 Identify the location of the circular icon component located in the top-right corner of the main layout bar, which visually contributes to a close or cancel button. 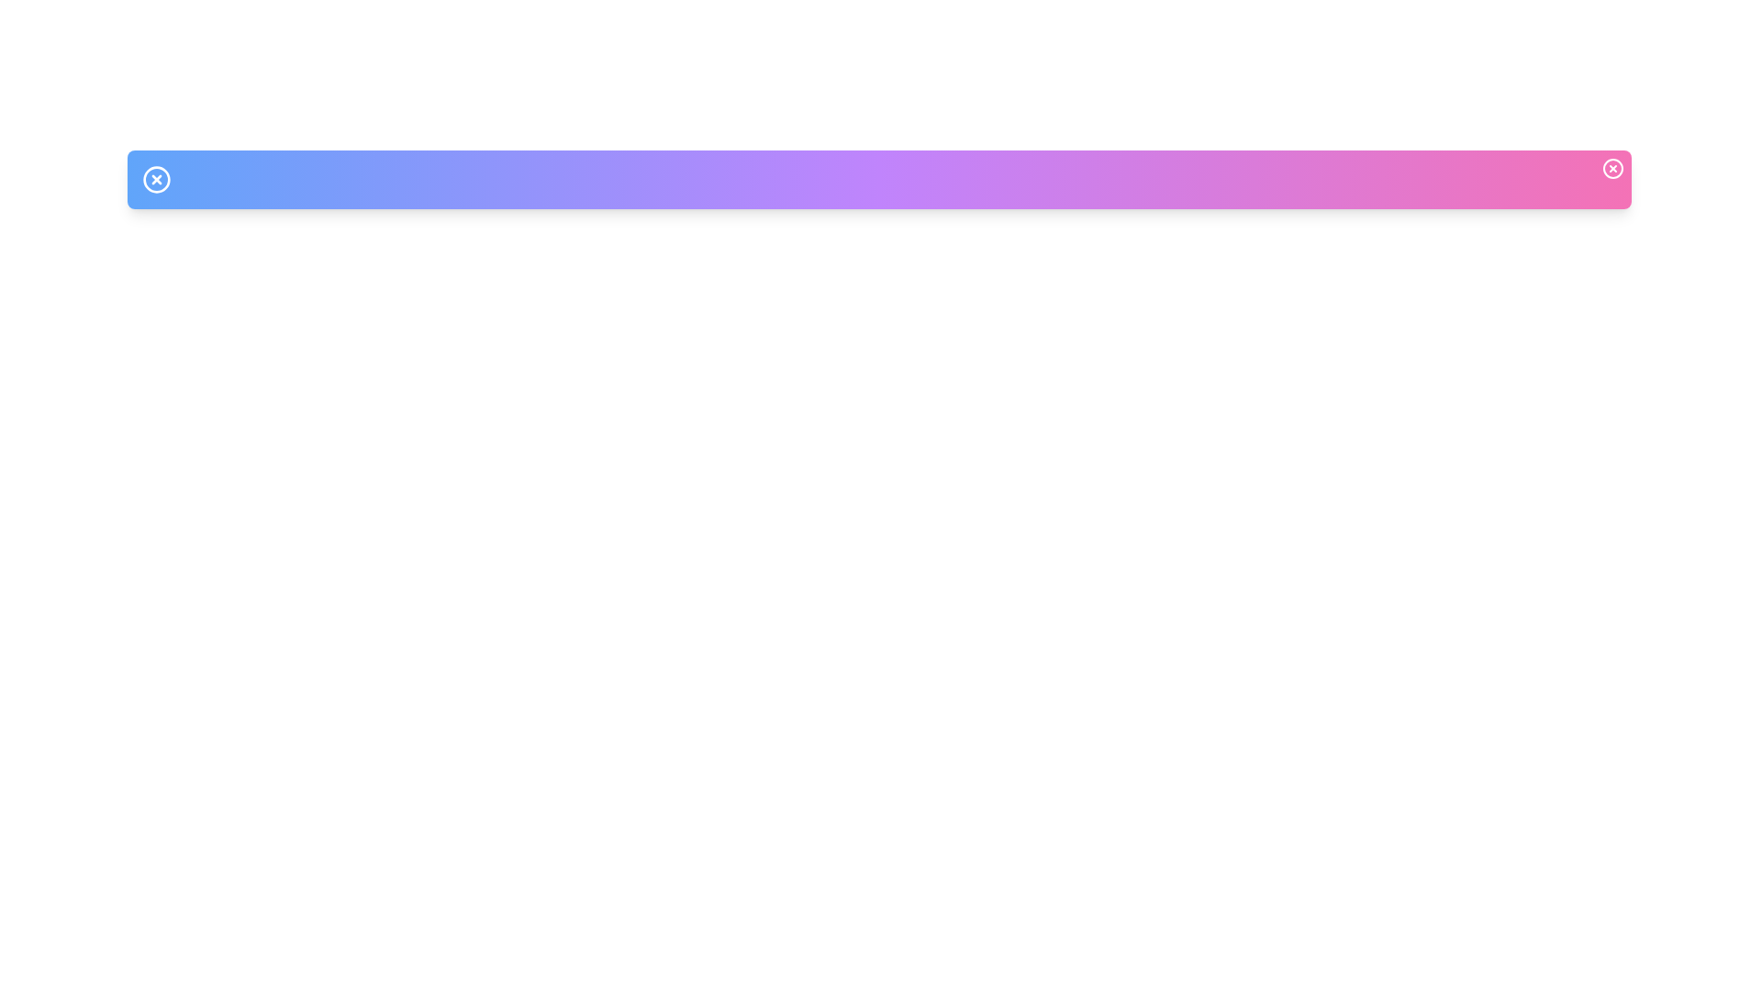
(1611, 169).